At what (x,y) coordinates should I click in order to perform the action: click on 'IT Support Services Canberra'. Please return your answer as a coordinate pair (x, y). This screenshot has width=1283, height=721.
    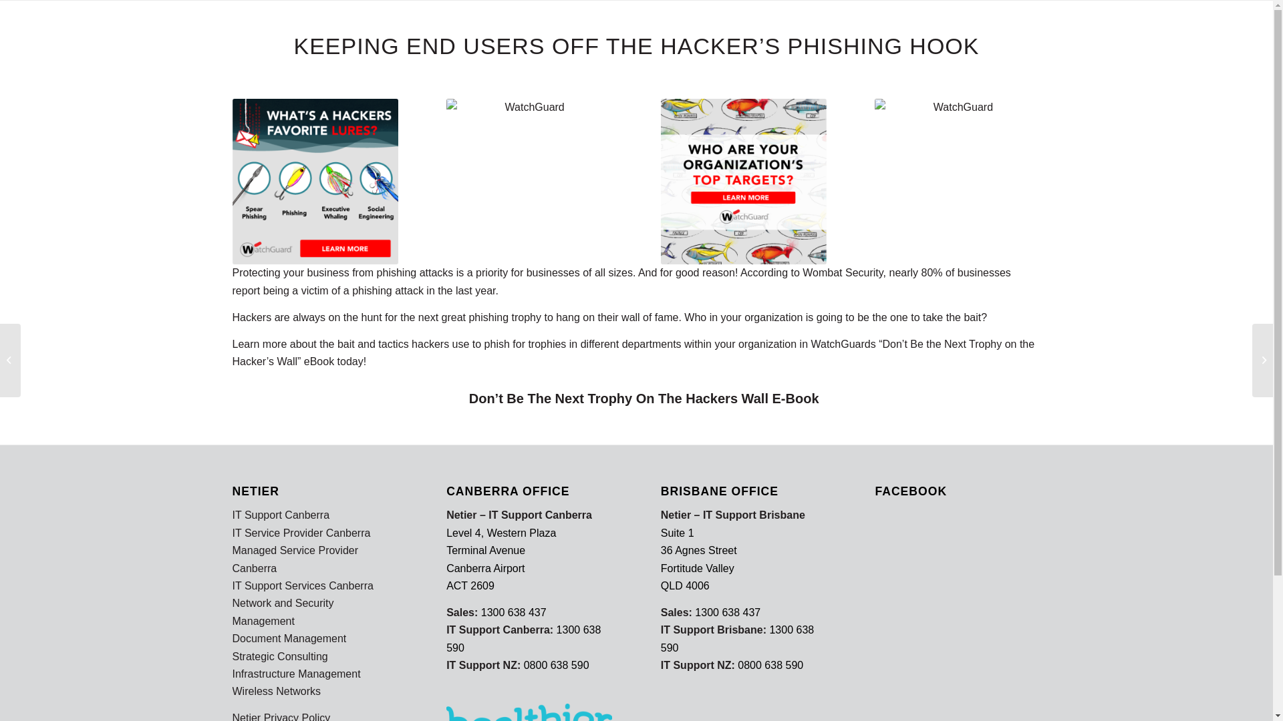
    Looking at the image, I should click on (302, 585).